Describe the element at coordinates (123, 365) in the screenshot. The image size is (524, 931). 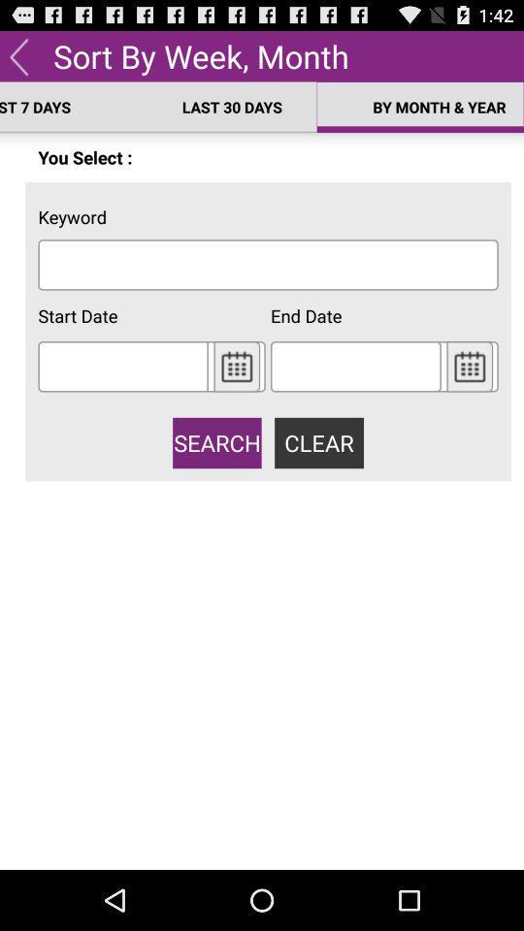
I see `the start date` at that location.